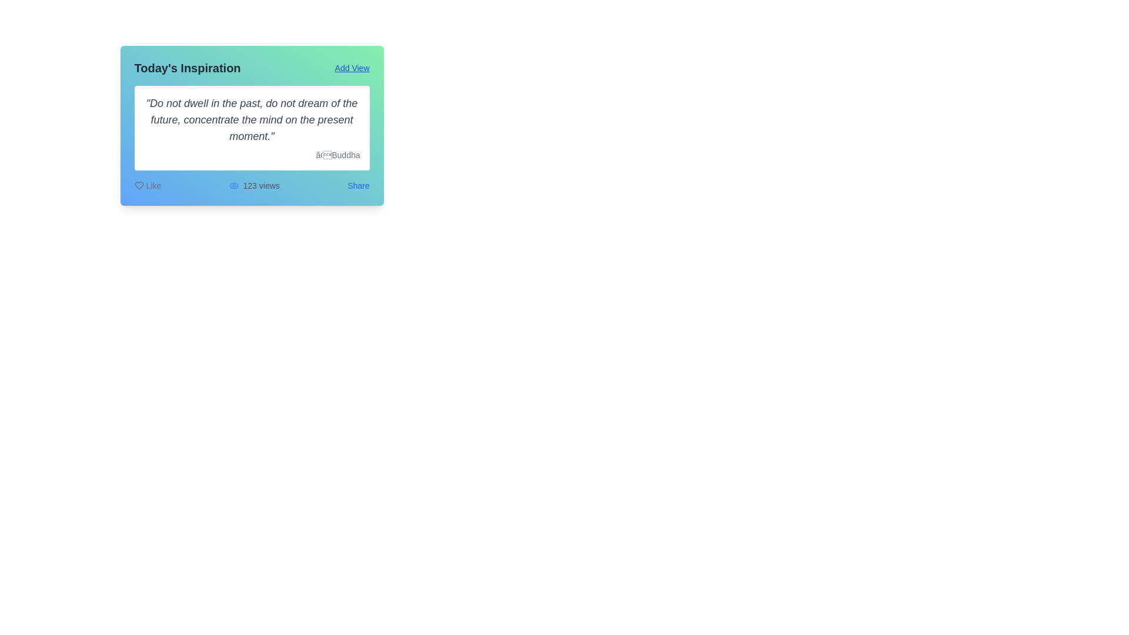  I want to click on the italicized quote text block displaying: '"Do not dwell in the past, do not dream of the future, concentrate the mind on the present moment."' which is located at the center of a white card with a rounded shadow appearance, so click(251, 120).